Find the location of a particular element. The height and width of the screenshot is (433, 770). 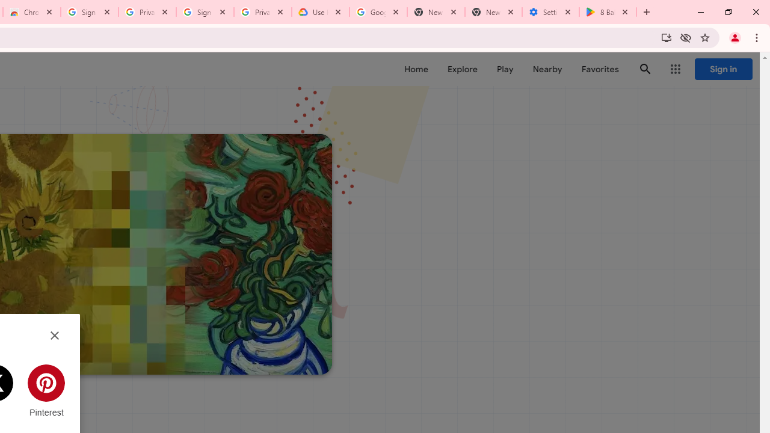

'Settings - System' is located at coordinates (550, 12).